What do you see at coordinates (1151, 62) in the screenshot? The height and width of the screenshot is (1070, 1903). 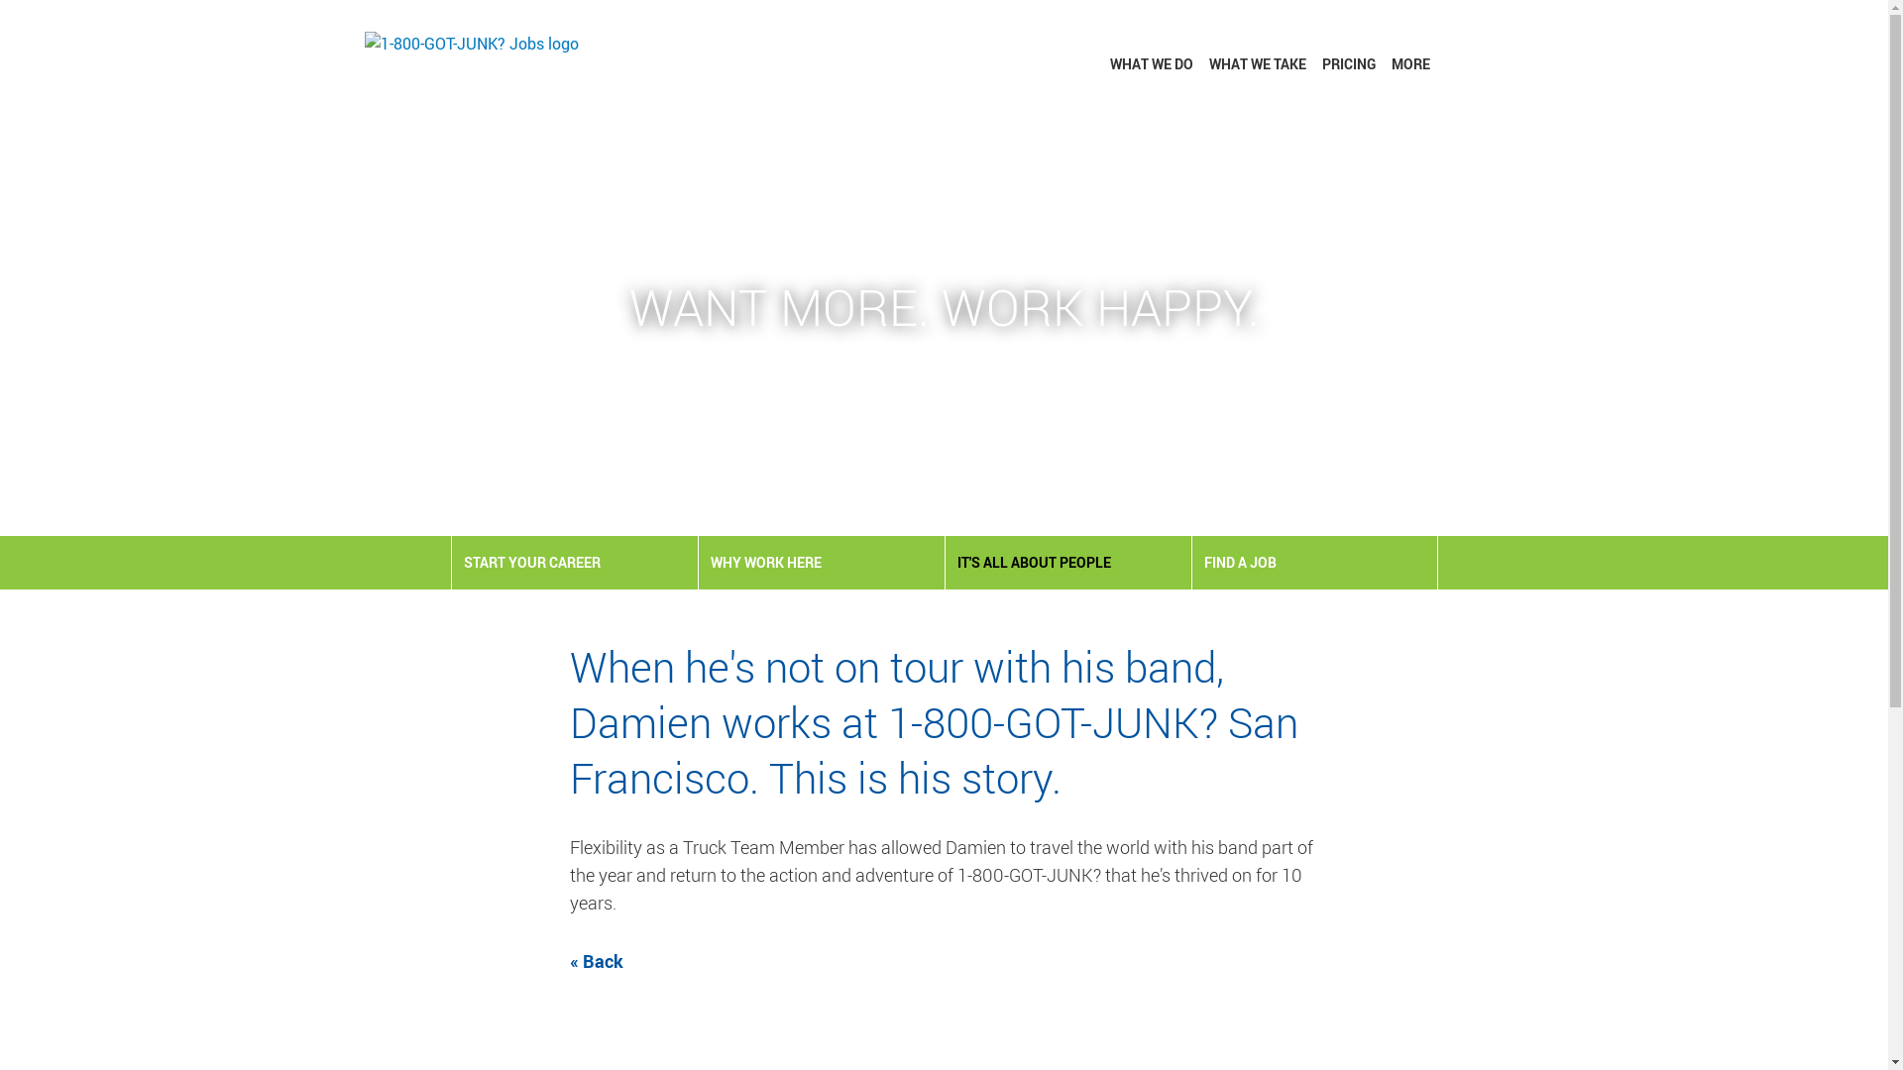 I see `'WHAT WE DO'` at bounding box center [1151, 62].